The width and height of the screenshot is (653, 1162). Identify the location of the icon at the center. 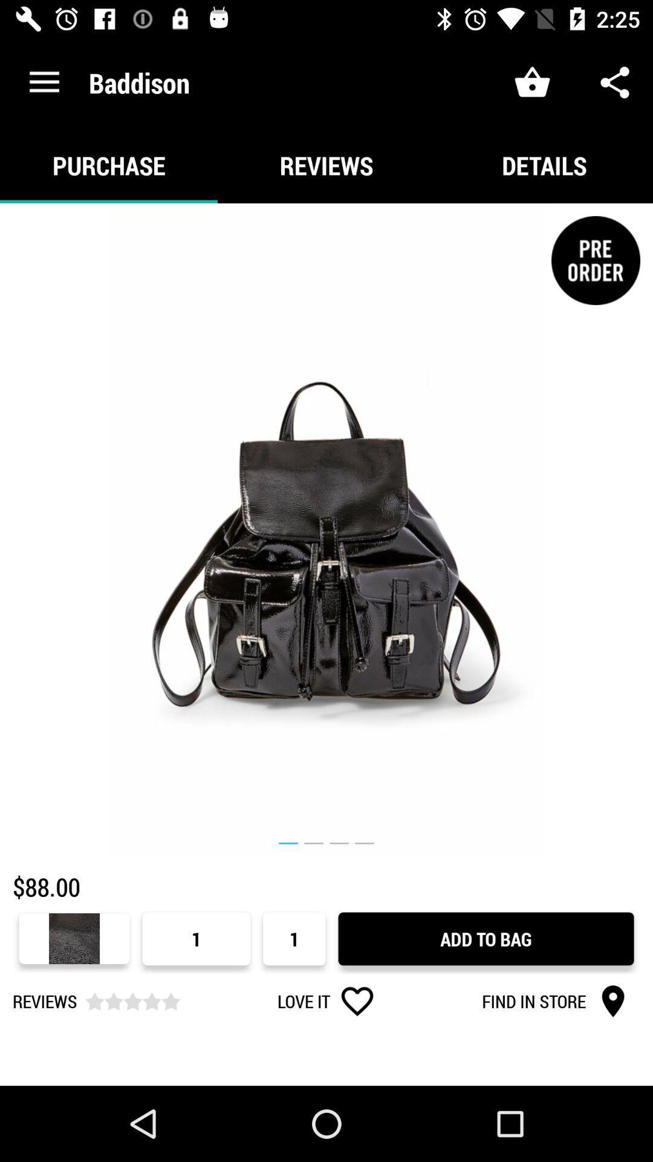
(326, 530).